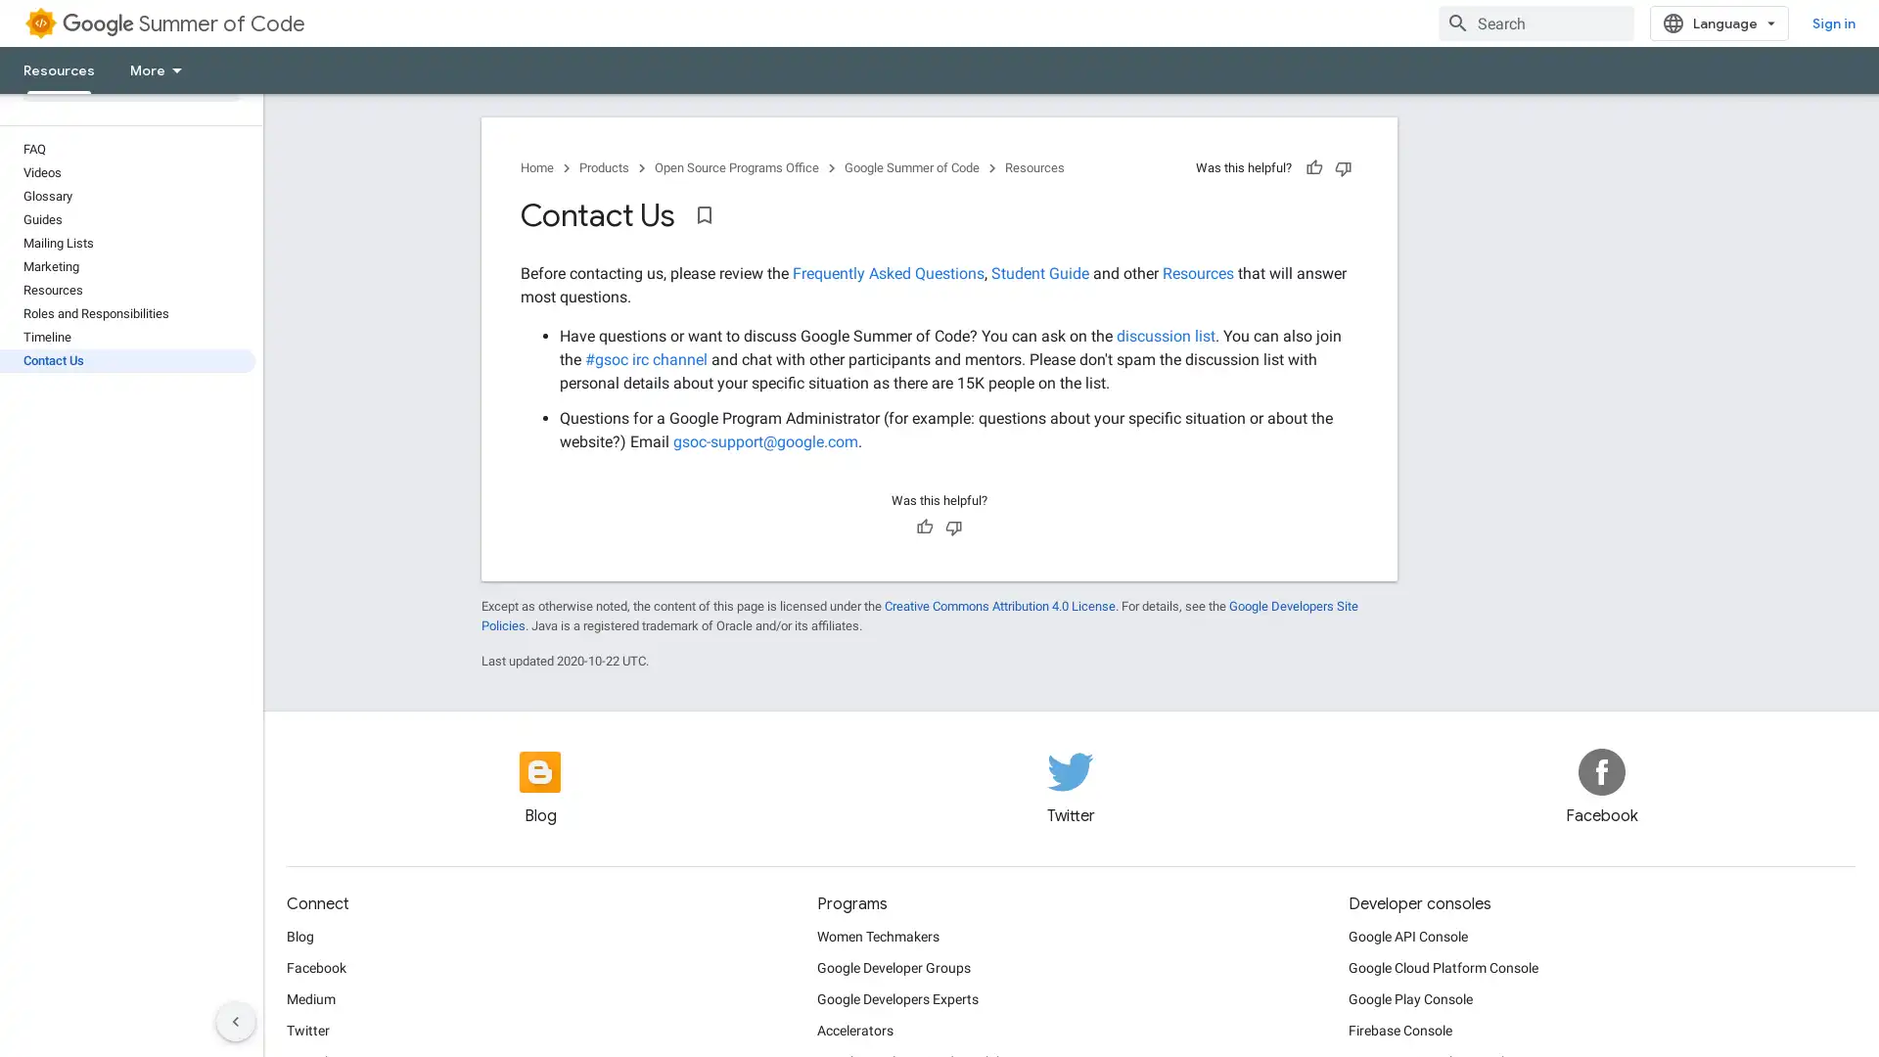 Image resolution: width=1879 pixels, height=1057 pixels. Describe the element at coordinates (953, 527) in the screenshot. I see `Not helpful` at that location.